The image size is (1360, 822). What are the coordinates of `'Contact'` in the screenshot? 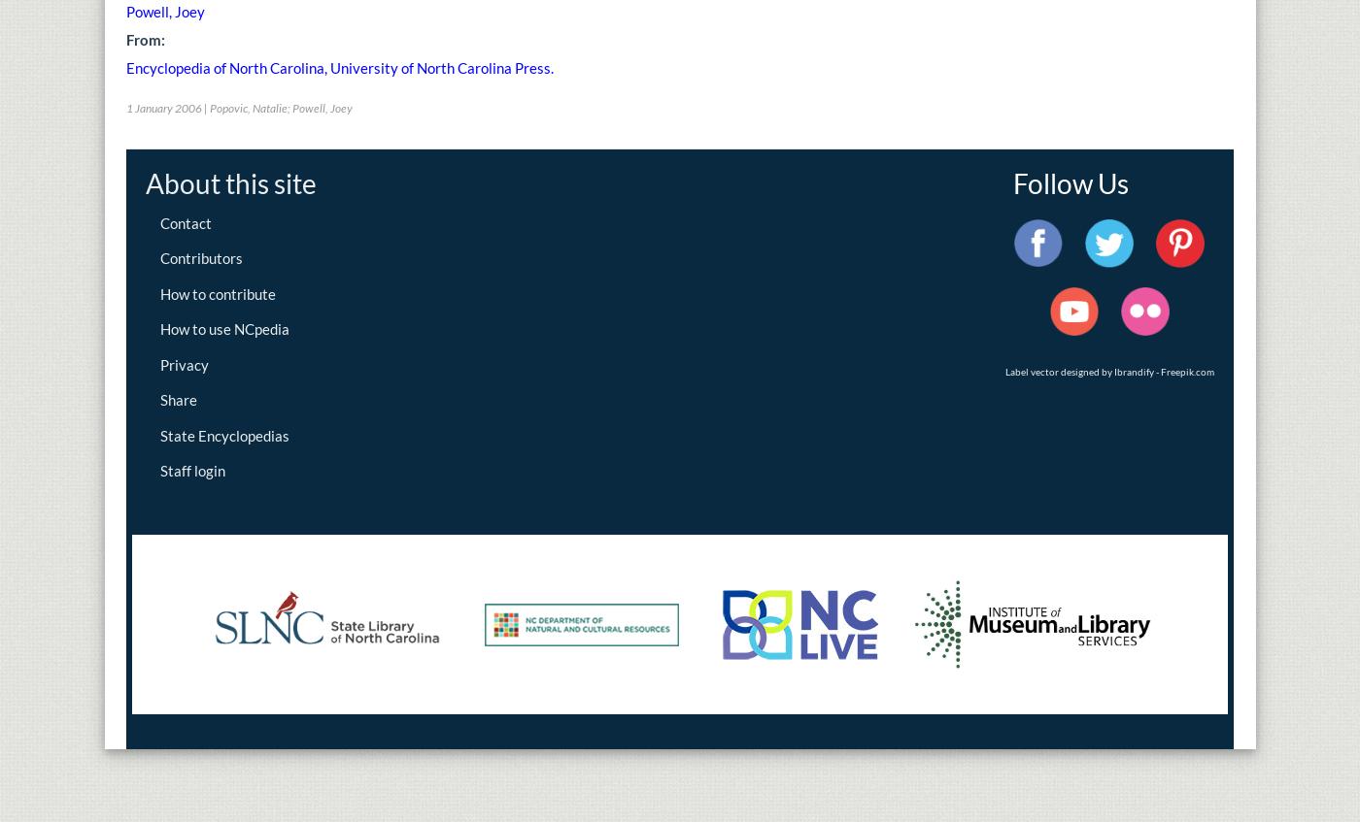 It's located at (186, 222).